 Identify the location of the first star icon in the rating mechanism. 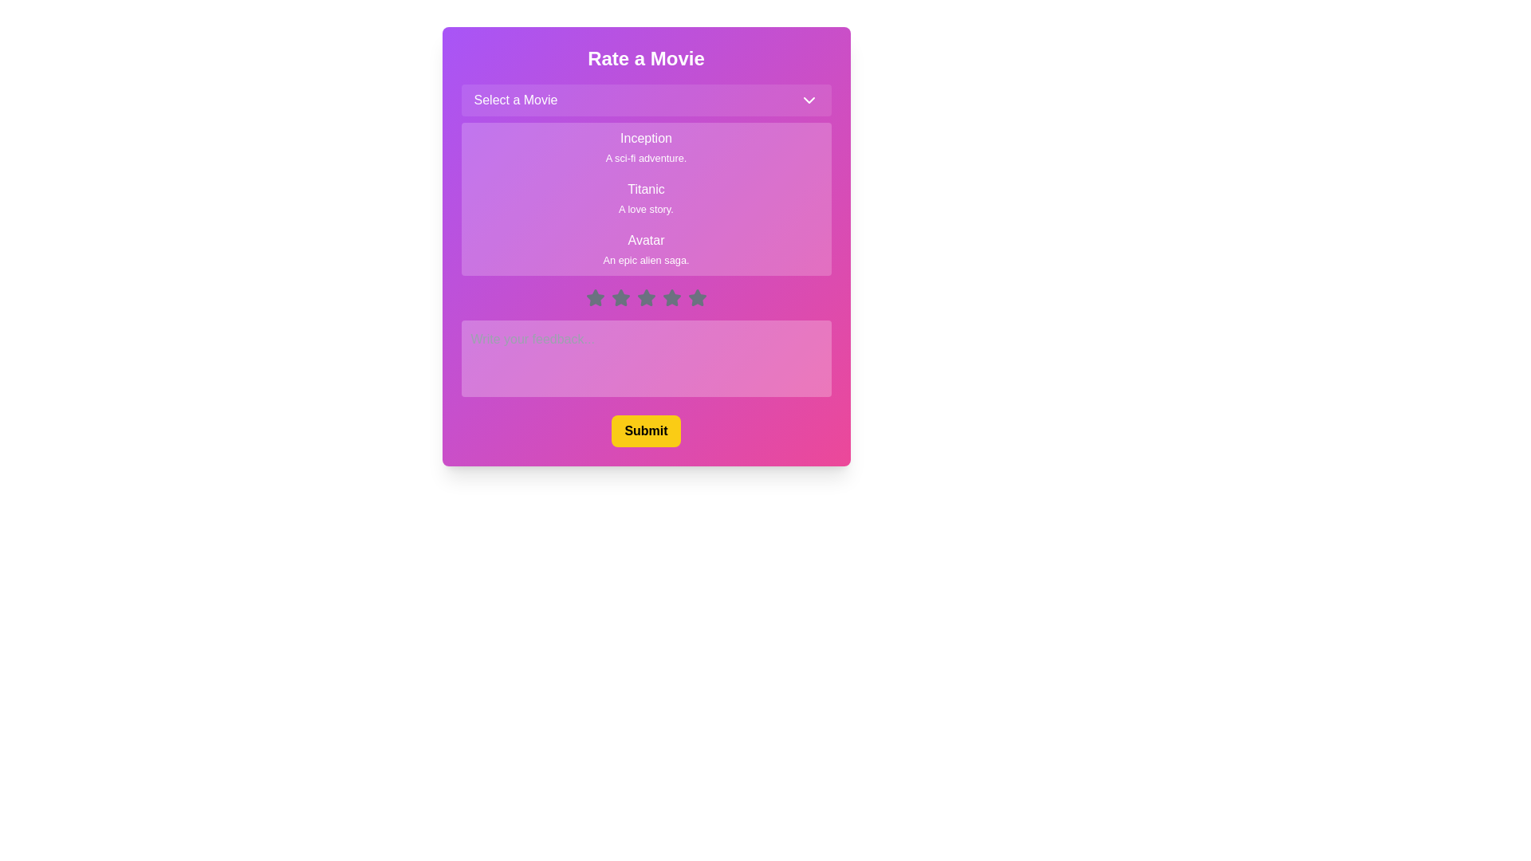
(594, 298).